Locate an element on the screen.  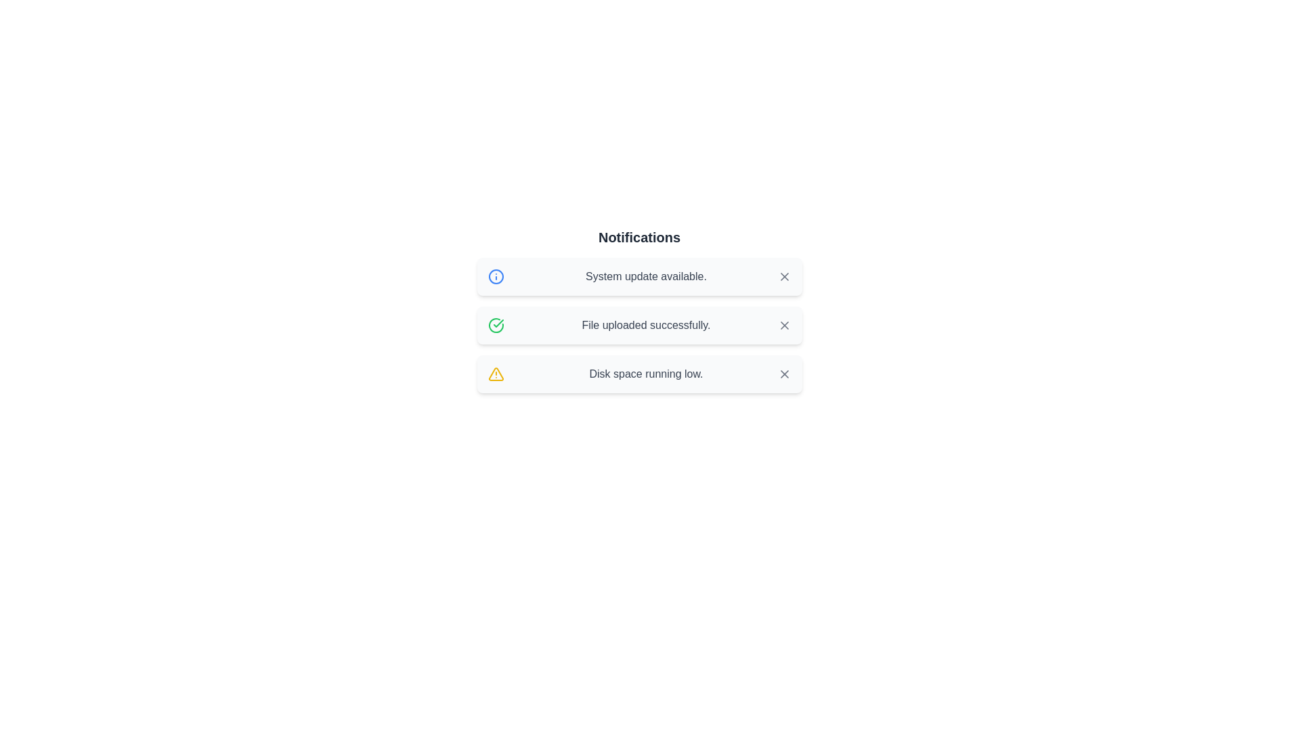
the 'X' icon in the notification card that indicates 'File uploaded successfully' is located at coordinates (784, 326).